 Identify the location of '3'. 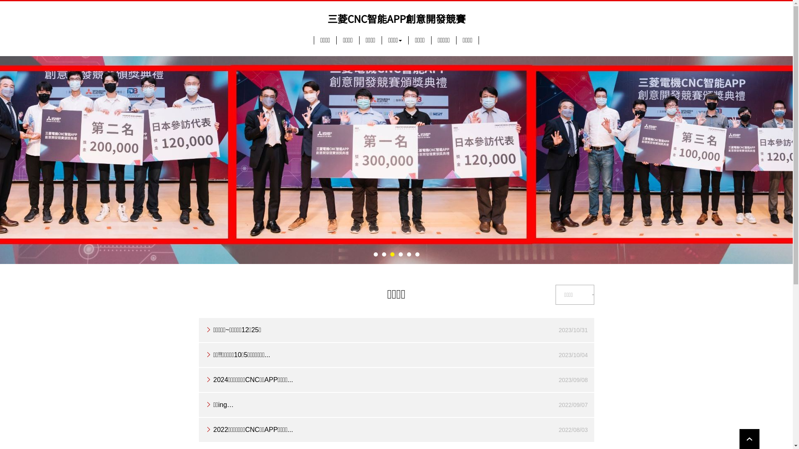
(392, 253).